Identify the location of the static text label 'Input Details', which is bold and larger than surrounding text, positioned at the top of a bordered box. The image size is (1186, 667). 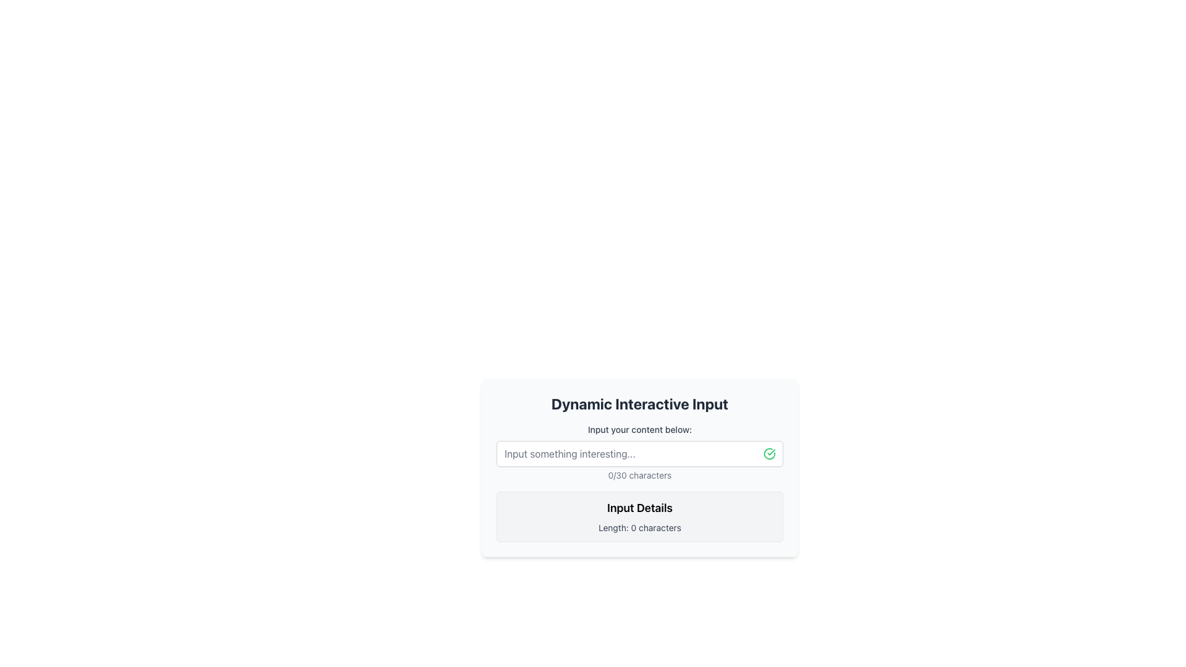
(640, 508).